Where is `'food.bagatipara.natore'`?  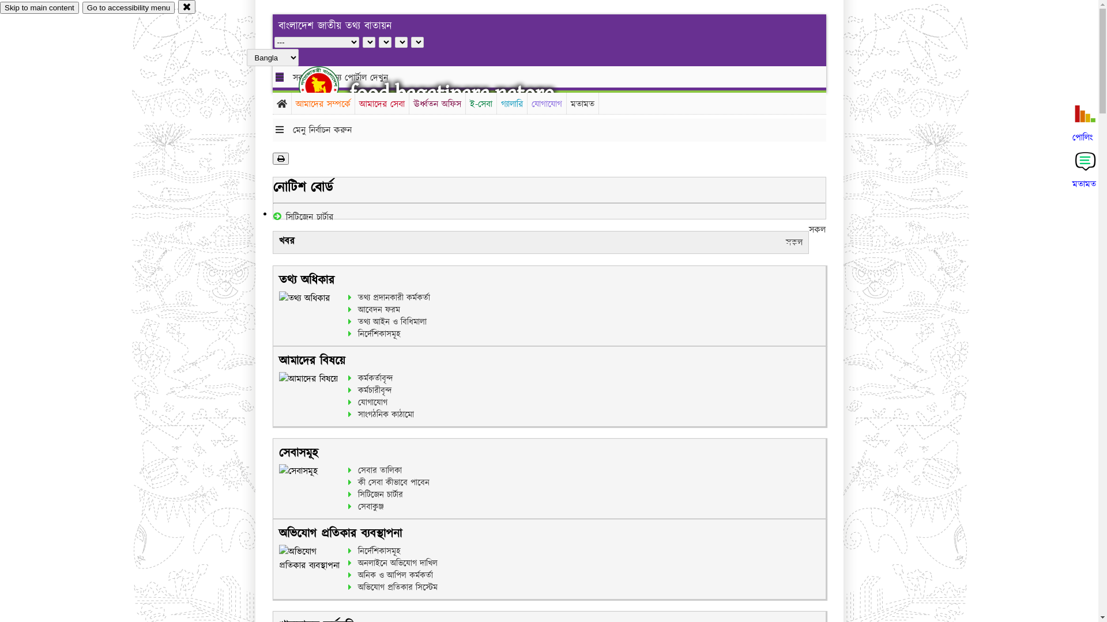
'food.bagatipara.natore' is located at coordinates (451, 93).